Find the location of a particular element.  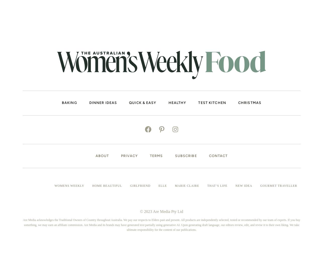

'That’s Life' is located at coordinates (207, 185).